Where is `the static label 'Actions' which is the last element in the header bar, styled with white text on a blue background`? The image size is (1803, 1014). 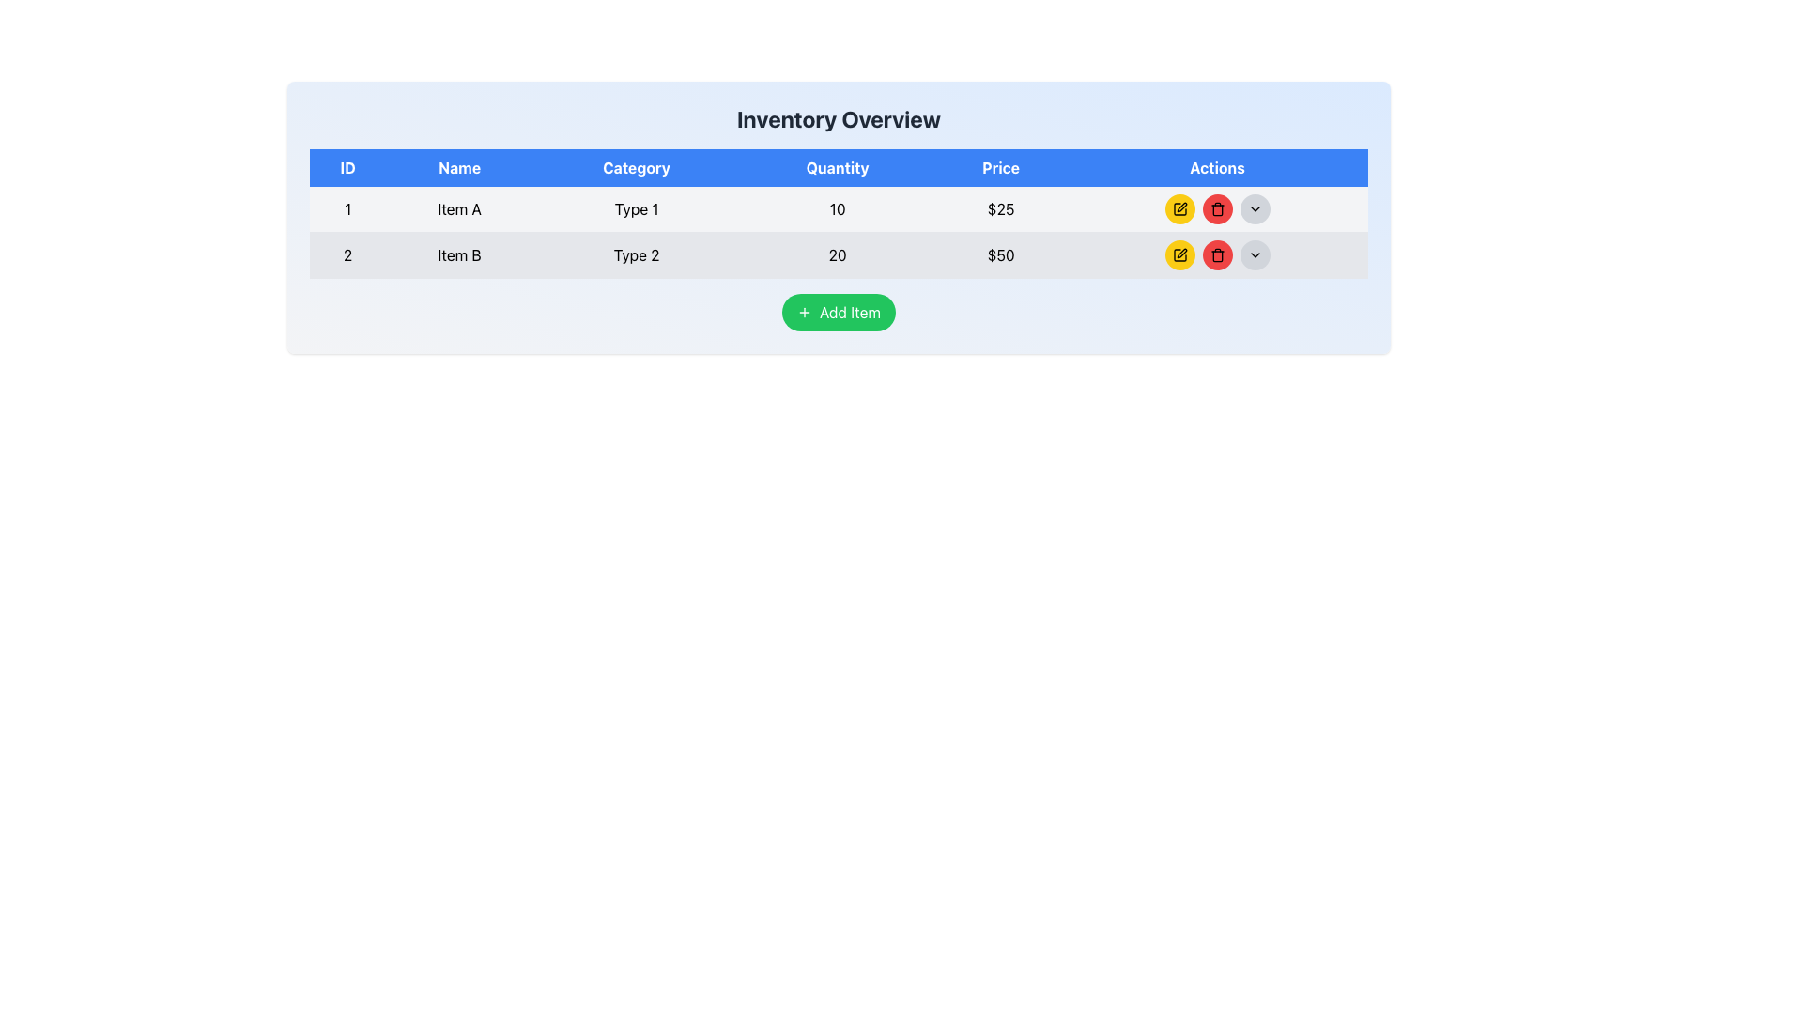 the static label 'Actions' which is the last element in the header bar, styled with white text on a blue background is located at coordinates (1217, 166).